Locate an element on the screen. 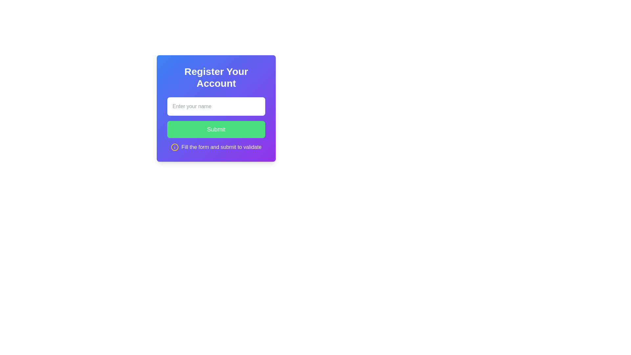  the information icon accompanying the text 'Fill the form and submit to validate', which is located at the bottom of the registration form is located at coordinates (216, 147).